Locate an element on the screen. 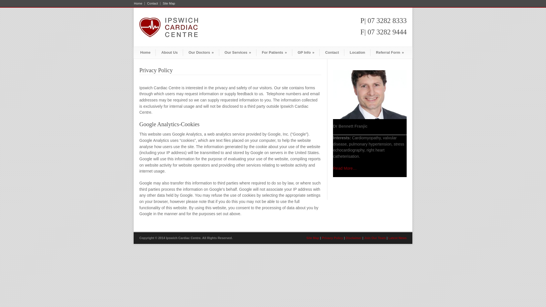  'Location' is located at coordinates (357, 53).